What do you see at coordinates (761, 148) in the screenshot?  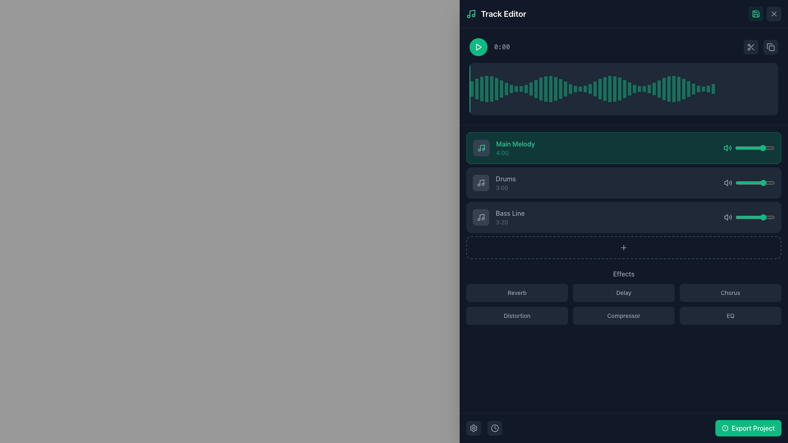 I see `the slider value` at bounding box center [761, 148].